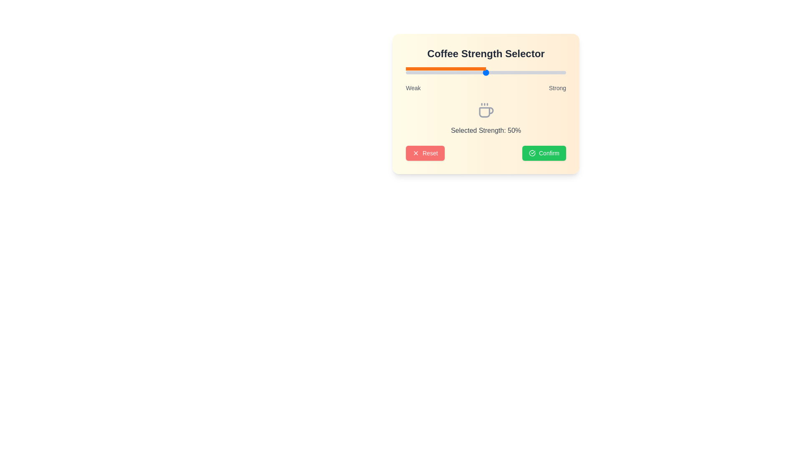 The image size is (801, 451). What do you see at coordinates (522, 72) in the screenshot?
I see `the coffee strength` at bounding box center [522, 72].